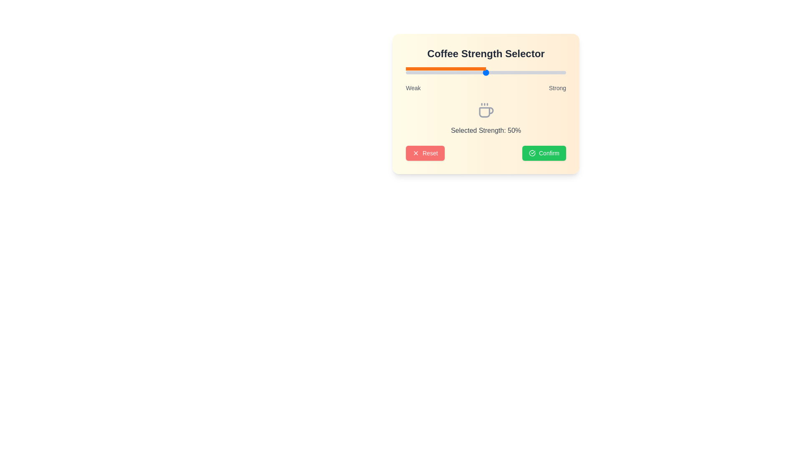 The image size is (801, 451). What do you see at coordinates (522, 72) in the screenshot?
I see `the coffee strength` at bounding box center [522, 72].